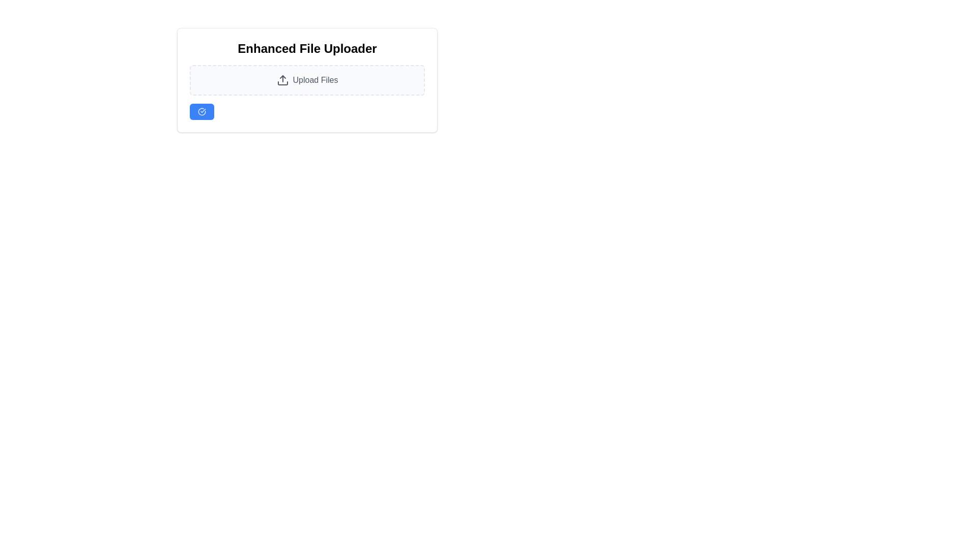 This screenshot has height=549, width=977. What do you see at coordinates (307, 80) in the screenshot?
I see `the interactive upload area with dashed borders and 'Upload Files' text to observe hover effects` at bounding box center [307, 80].